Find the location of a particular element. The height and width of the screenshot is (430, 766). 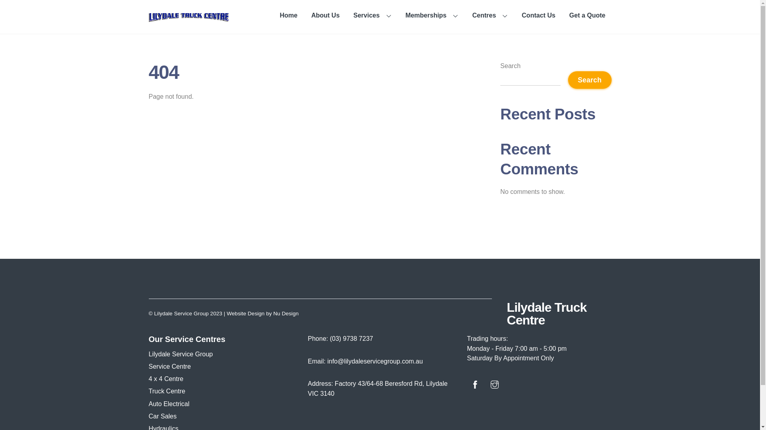

'Service Centre' is located at coordinates (169, 366).